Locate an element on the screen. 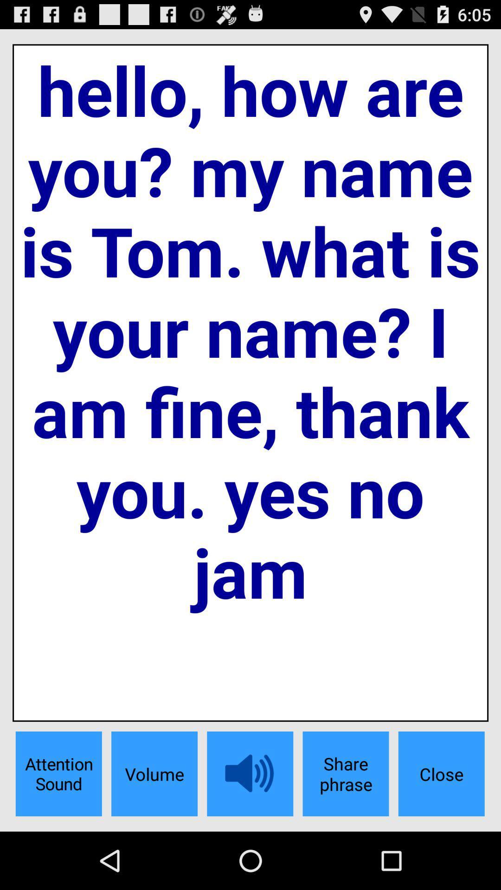 This screenshot has height=890, width=501. the button to the left of close is located at coordinates (346, 774).